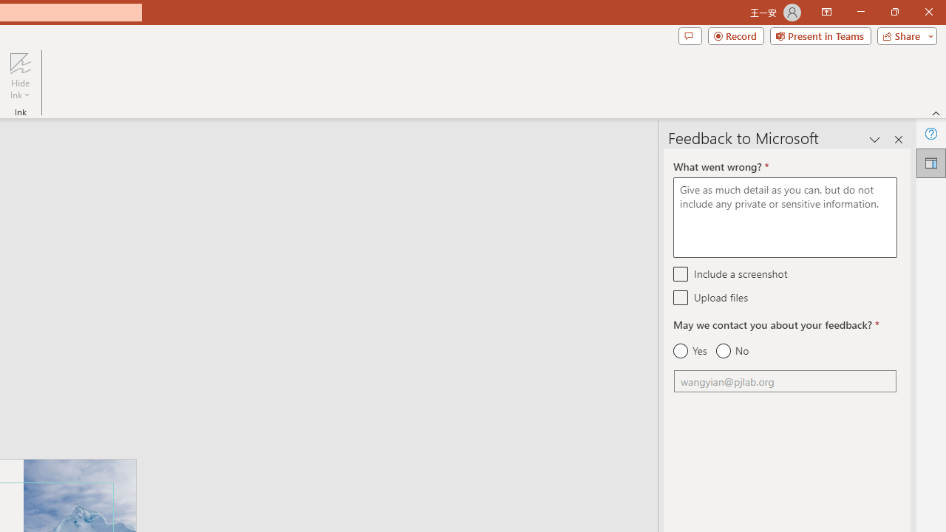 The image size is (946, 532). I want to click on 'Hide Ink', so click(20, 62).